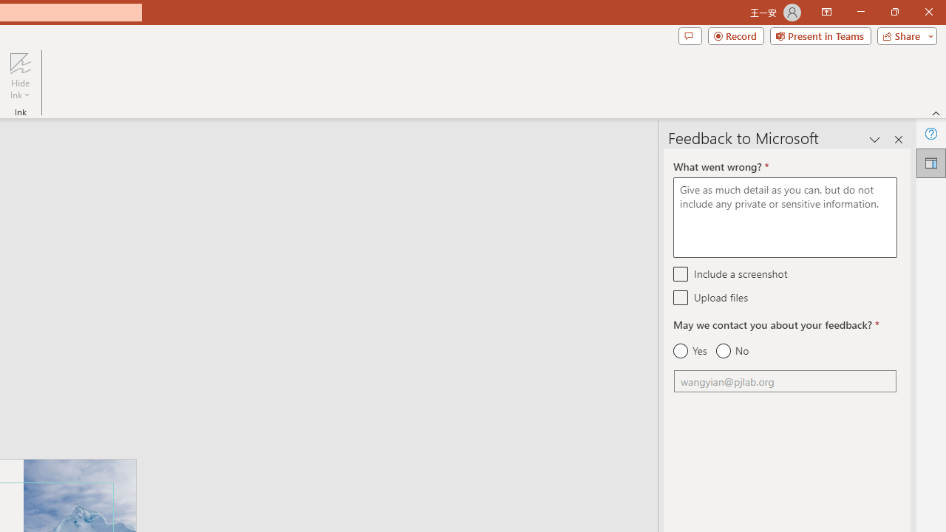 The image size is (946, 532). I want to click on 'Hide Ink', so click(20, 62).